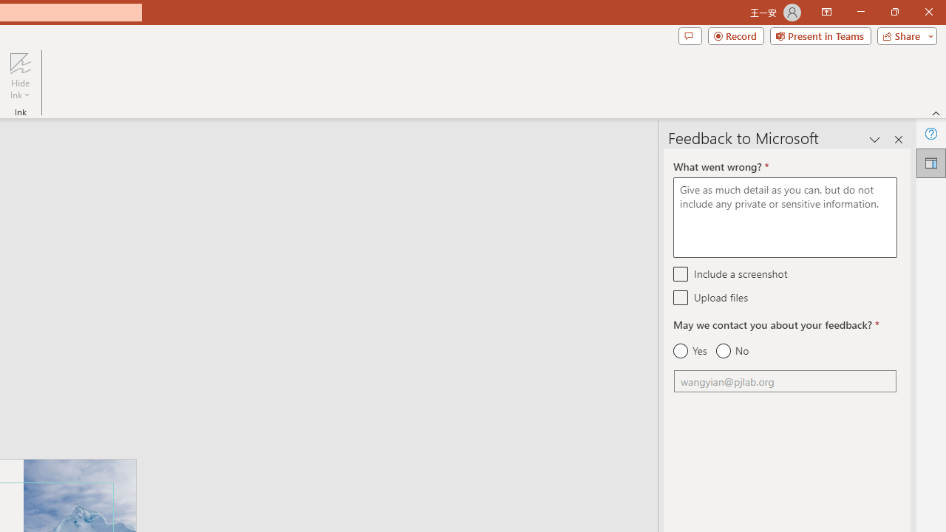 The image size is (946, 532). I want to click on 'Hide Ink', so click(20, 62).